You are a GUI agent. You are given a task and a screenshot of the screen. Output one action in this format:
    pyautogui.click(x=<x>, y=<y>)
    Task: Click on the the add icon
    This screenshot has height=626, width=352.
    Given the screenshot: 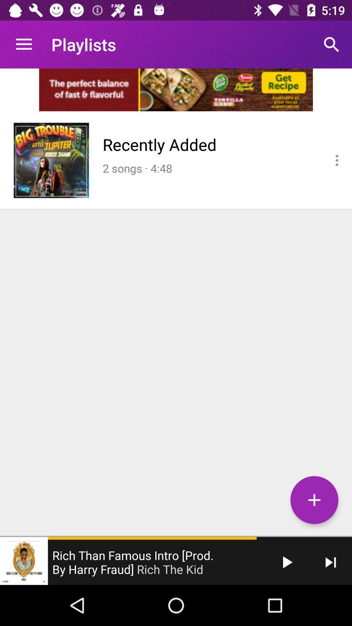 What is the action you would take?
    pyautogui.click(x=314, y=499)
    